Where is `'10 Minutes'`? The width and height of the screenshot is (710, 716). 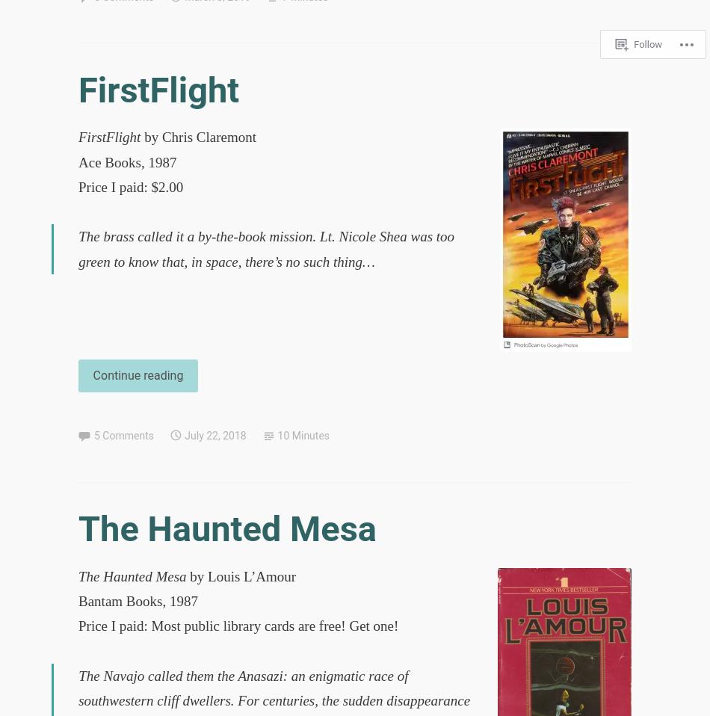 '10 Minutes' is located at coordinates (303, 436).